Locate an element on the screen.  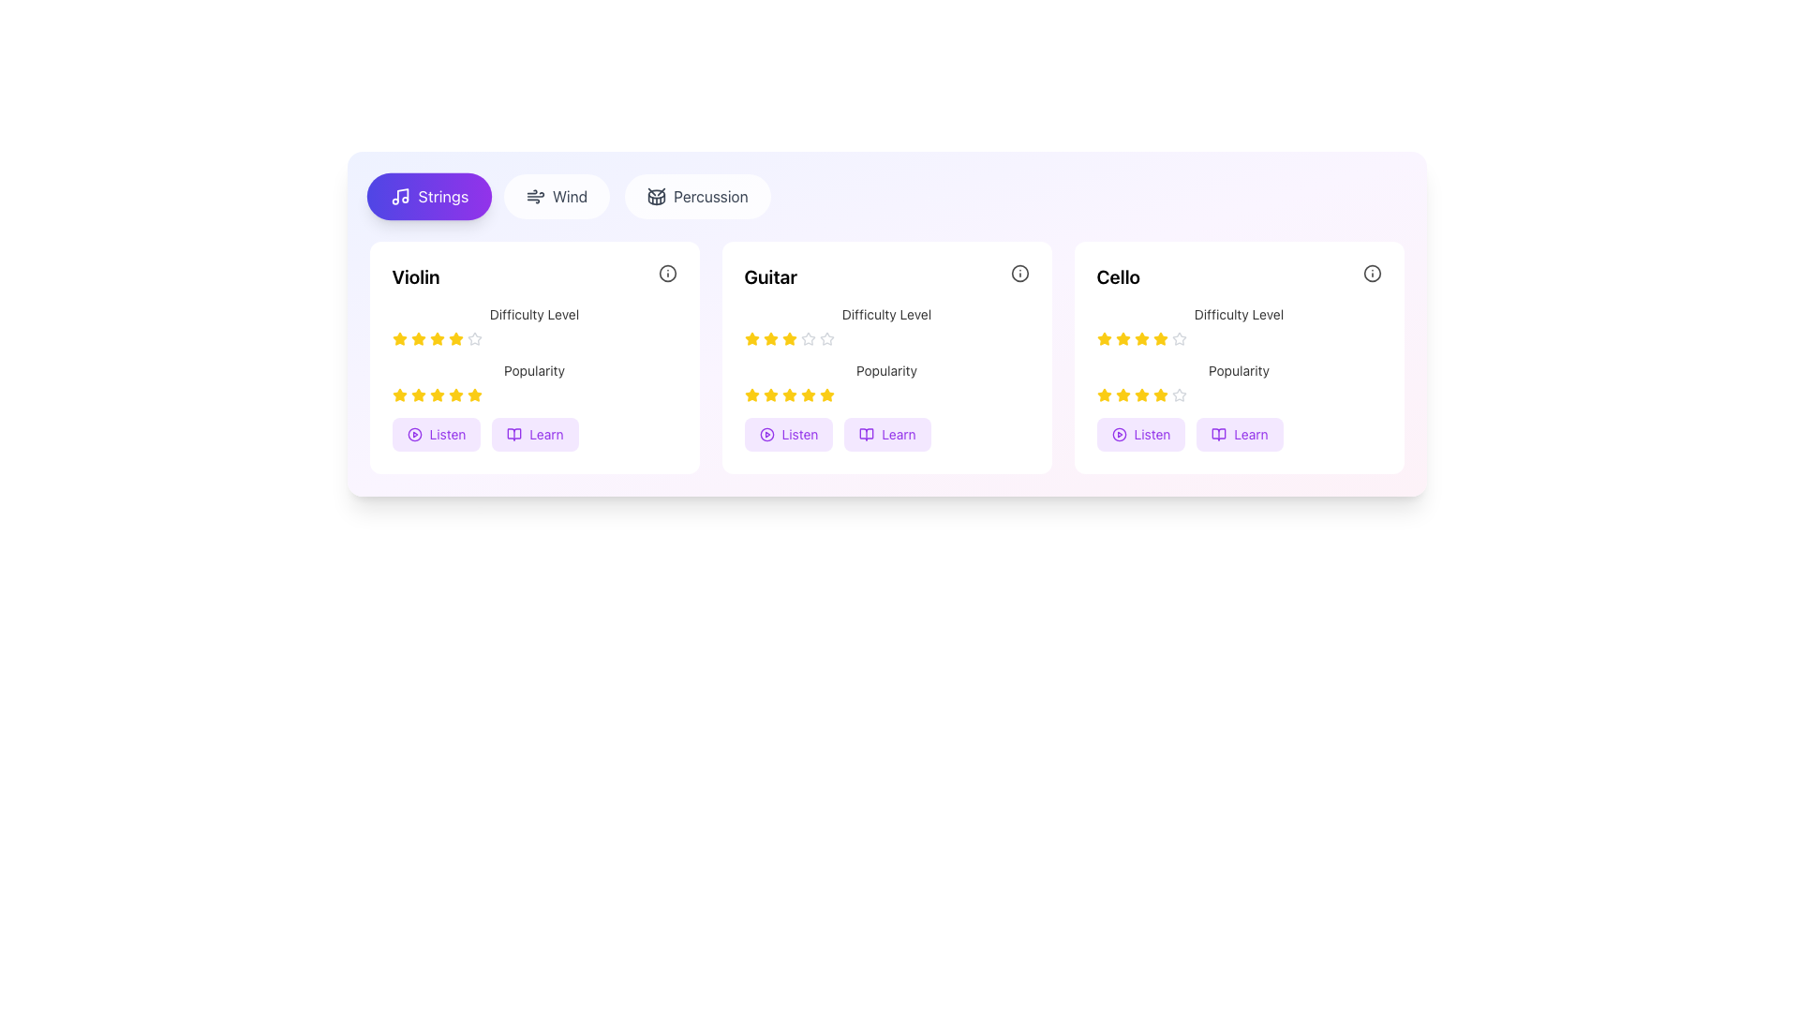
the 'Listen' button for the 'Violin' content is located at coordinates (435, 434).